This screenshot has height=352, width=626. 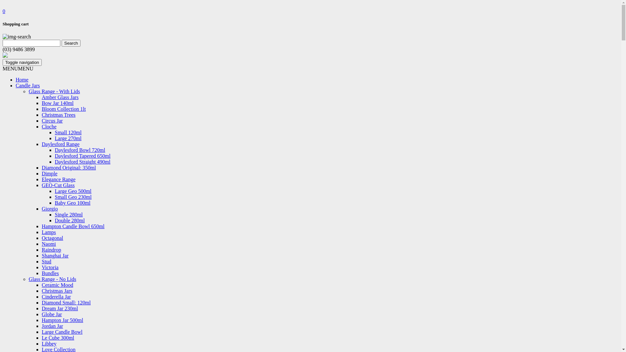 What do you see at coordinates (52, 121) in the screenshot?
I see `'Circus Jar'` at bounding box center [52, 121].